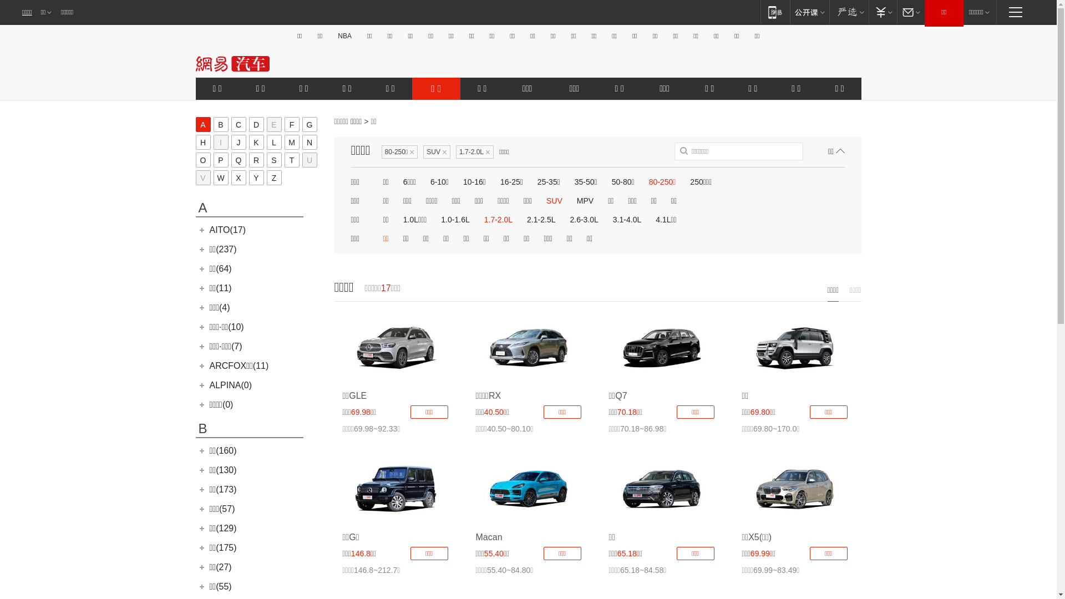 The image size is (1065, 599). Describe the element at coordinates (482, 220) in the screenshot. I see `'1.7-2.0L'` at that location.